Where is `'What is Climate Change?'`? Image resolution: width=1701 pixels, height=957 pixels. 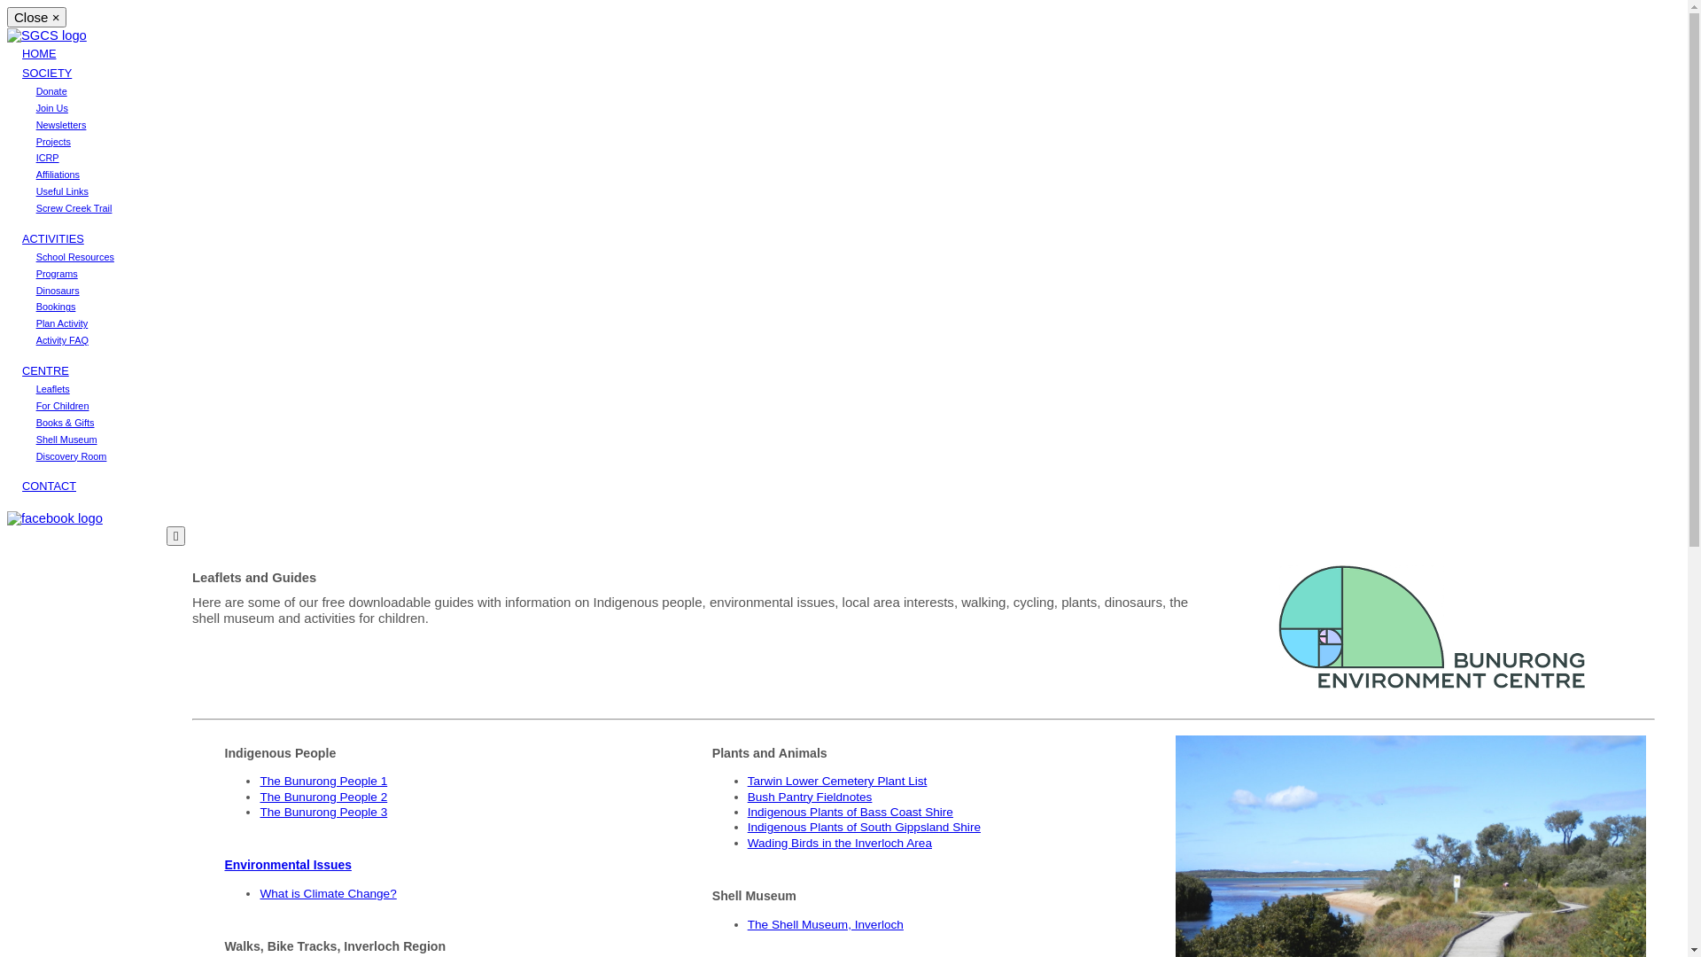
'What is Climate Change?' is located at coordinates (327, 893).